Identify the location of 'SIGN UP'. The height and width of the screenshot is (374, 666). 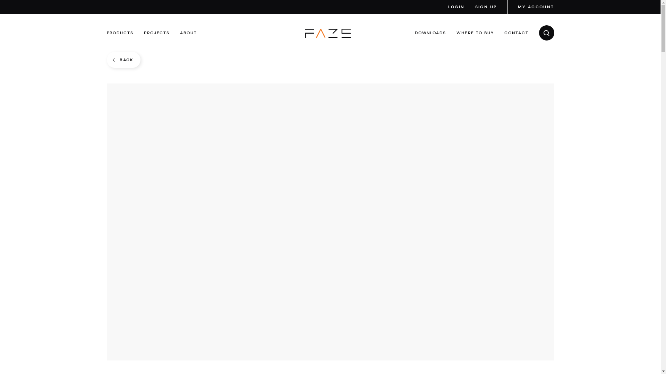
(486, 7).